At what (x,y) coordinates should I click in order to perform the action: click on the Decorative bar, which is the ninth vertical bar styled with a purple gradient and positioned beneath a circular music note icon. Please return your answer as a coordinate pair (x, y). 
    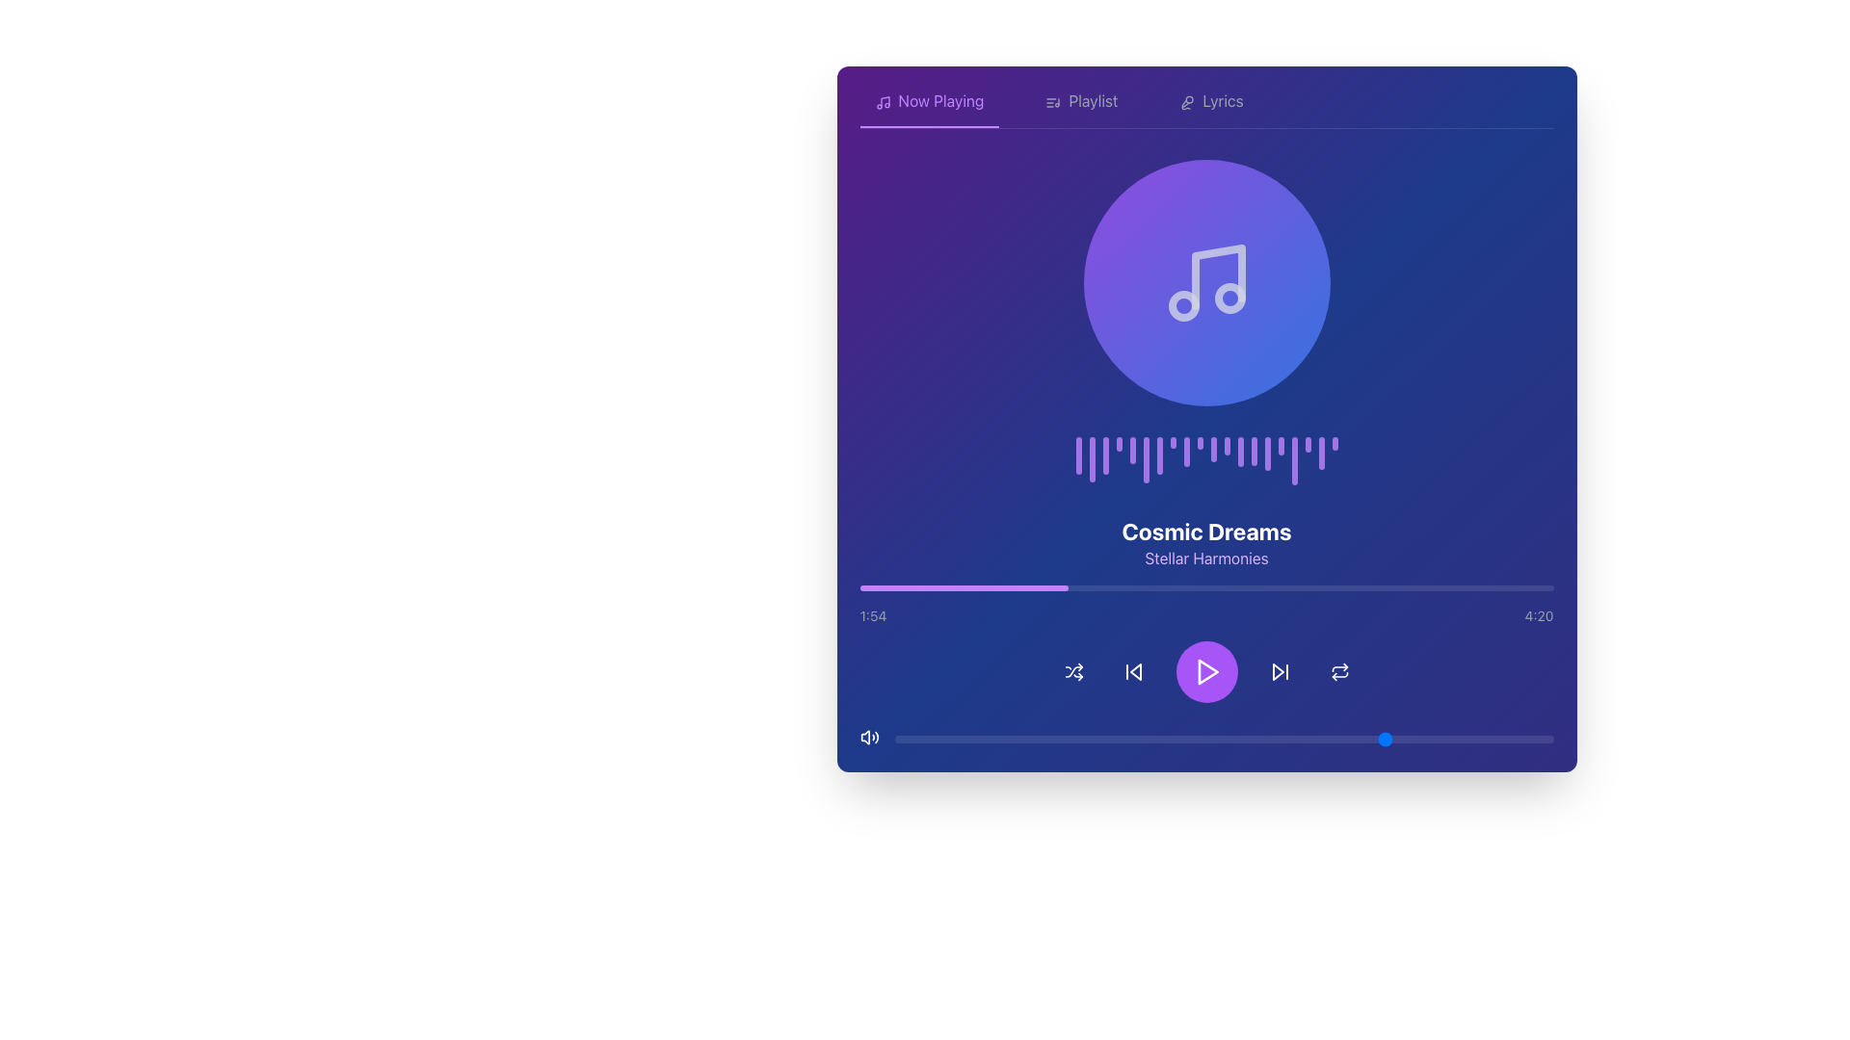
    Looking at the image, I should click on (1185, 452).